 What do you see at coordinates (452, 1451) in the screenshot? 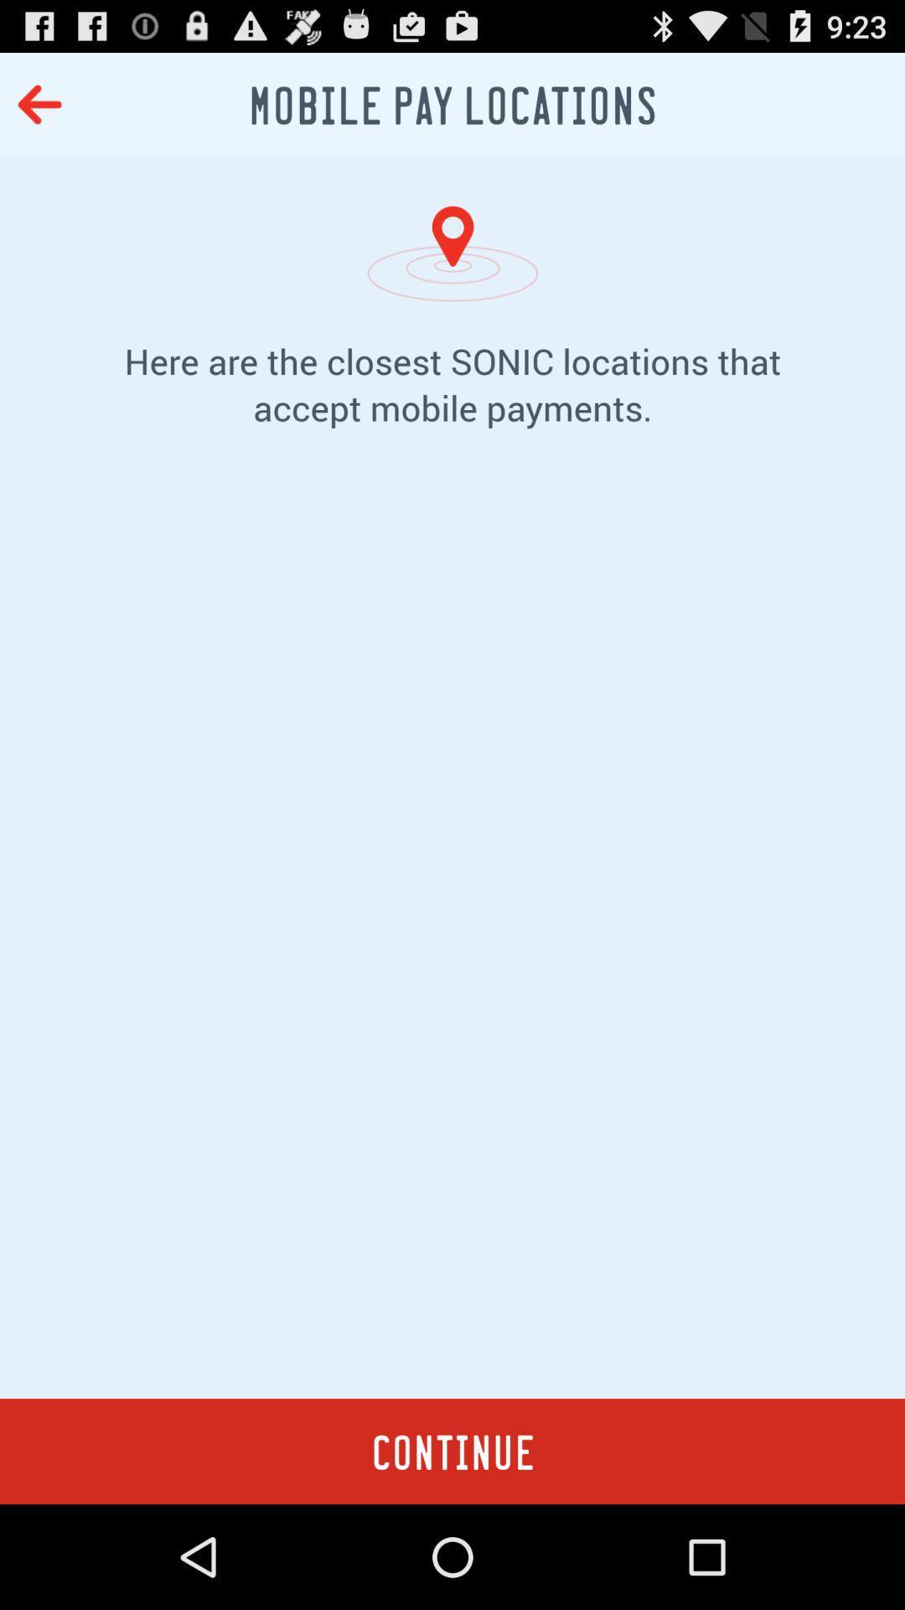
I see `continue item` at bounding box center [452, 1451].